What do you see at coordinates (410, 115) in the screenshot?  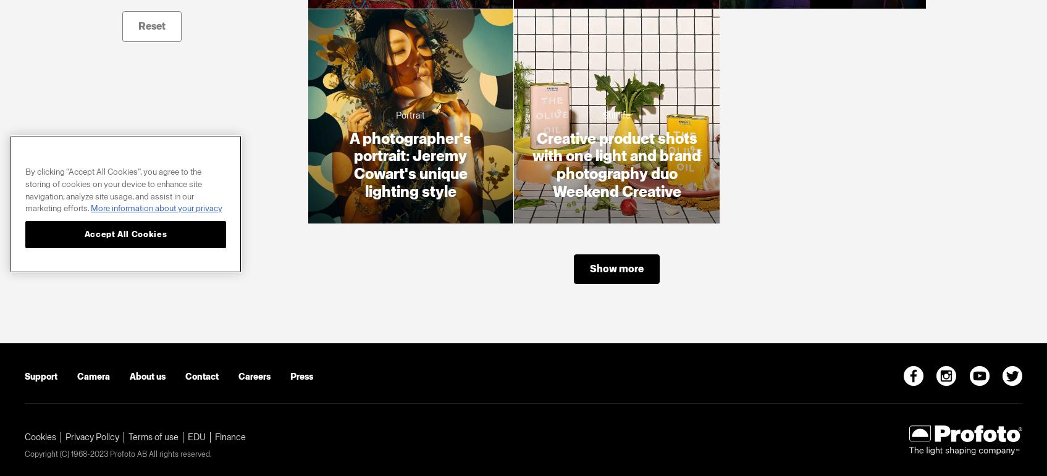 I see `'Portrait'` at bounding box center [410, 115].